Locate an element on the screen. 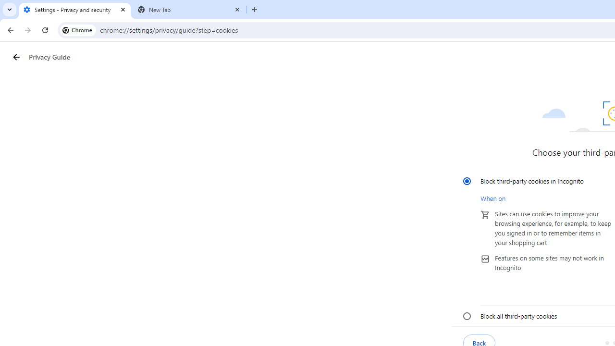 The width and height of the screenshot is (615, 346). 'Privacy Guide back button' is located at coordinates (16, 57).